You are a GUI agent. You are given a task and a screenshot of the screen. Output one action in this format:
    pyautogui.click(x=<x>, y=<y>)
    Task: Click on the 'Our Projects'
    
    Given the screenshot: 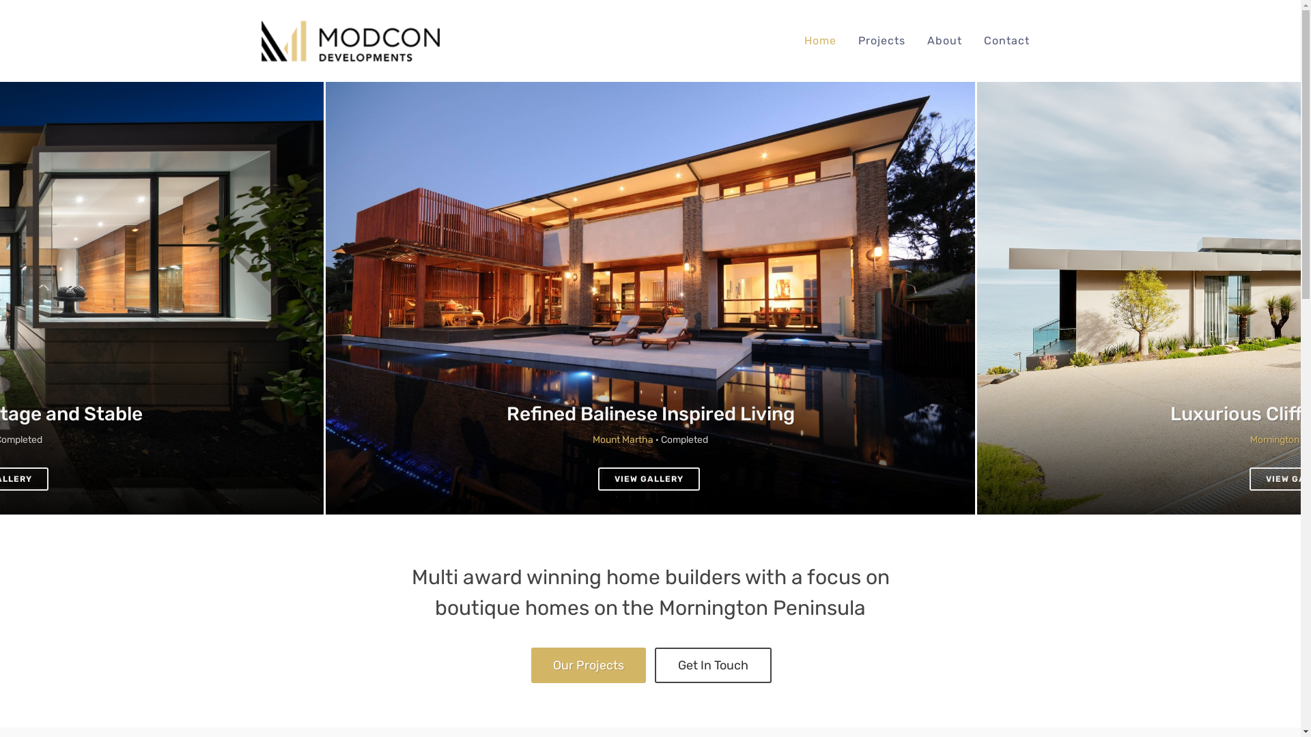 What is the action you would take?
    pyautogui.click(x=589, y=665)
    